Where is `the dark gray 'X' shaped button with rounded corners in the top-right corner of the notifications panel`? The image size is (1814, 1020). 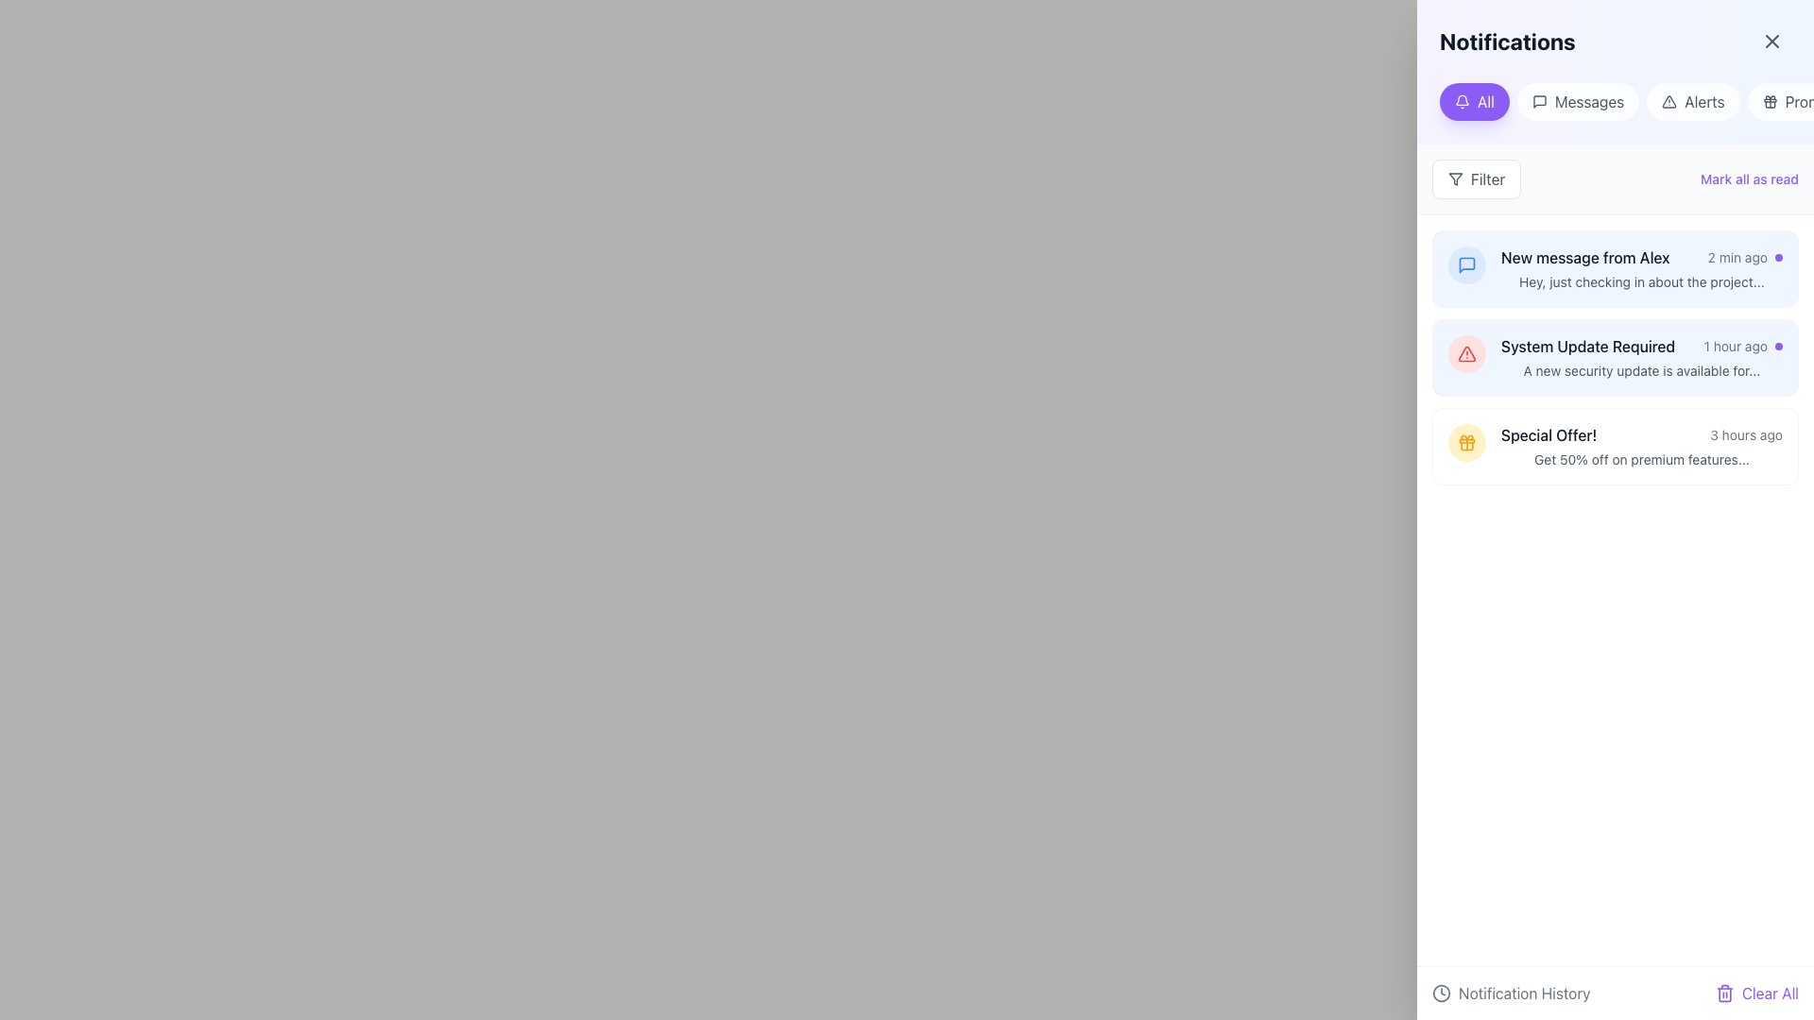
the dark gray 'X' shaped button with rounded corners in the top-right corner of the notifications panel is located at coordinates (1771, 41).